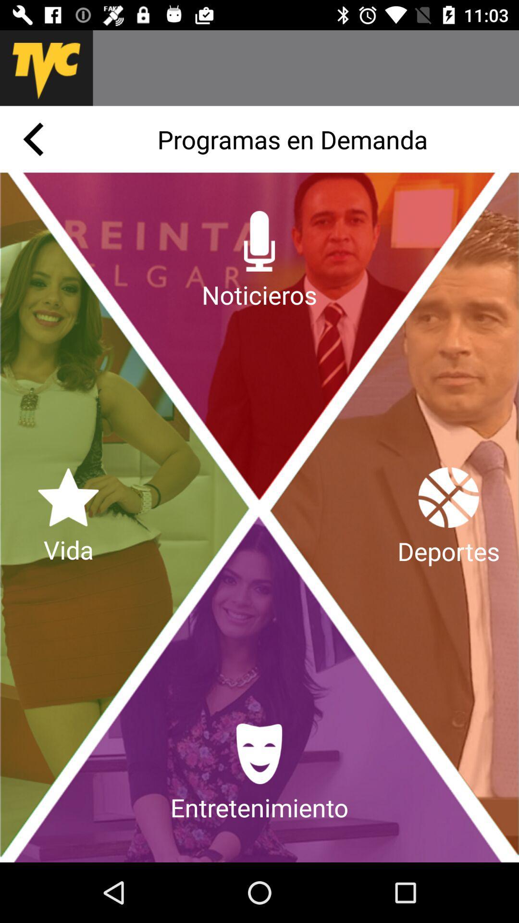 The width and height of the screenshot is (519, 923). What do you see at coordinates (68, 517) in the screenshot?
I see `app next to deportes item` at bounding box center [68, 517].